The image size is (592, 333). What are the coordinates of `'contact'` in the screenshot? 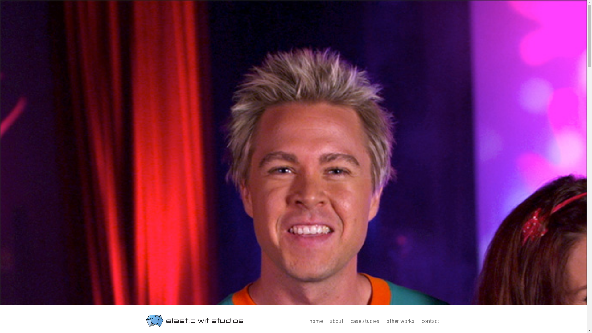 It's located at (429, 321).